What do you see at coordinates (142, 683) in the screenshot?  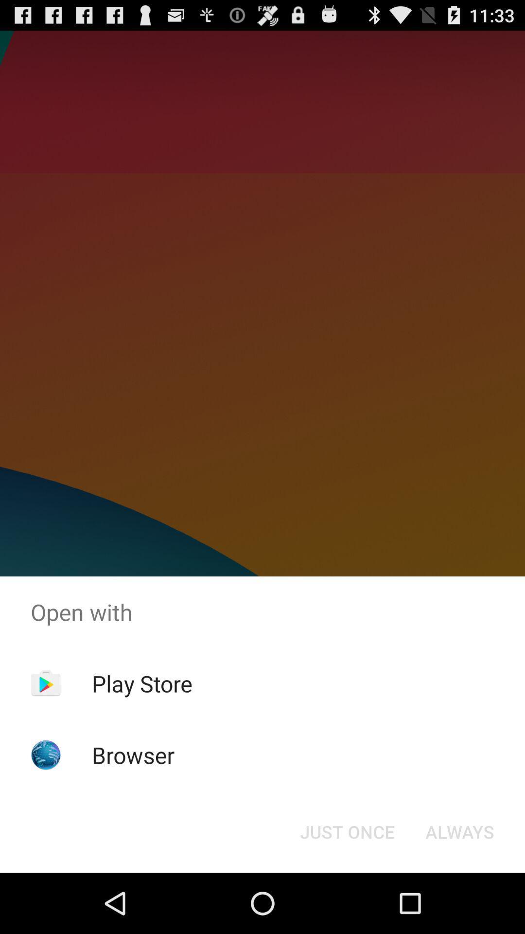 I see `item above browser item` at bounding box center [142, 683].